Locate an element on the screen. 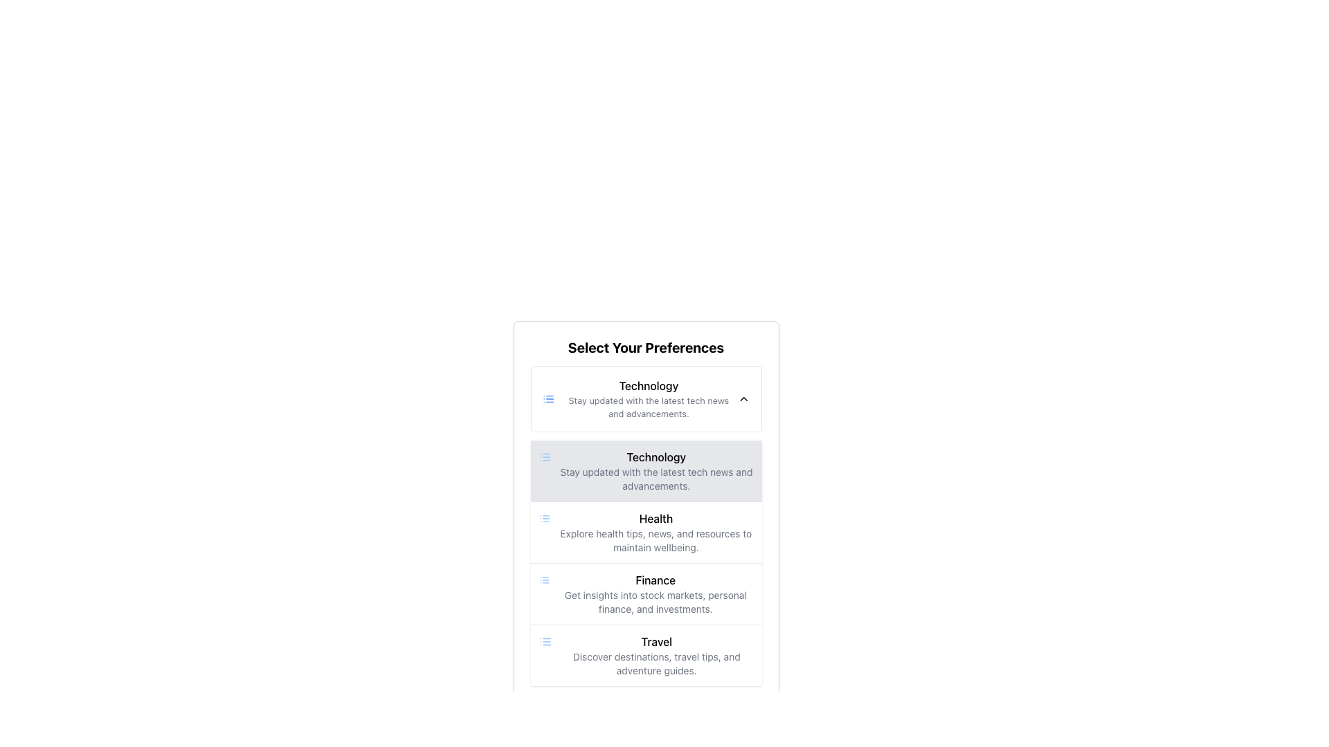  the text label that reads 'Stay updated with the latest tech news and advancements.' located below the 'Technology' section is located at coordinates (656, 479).